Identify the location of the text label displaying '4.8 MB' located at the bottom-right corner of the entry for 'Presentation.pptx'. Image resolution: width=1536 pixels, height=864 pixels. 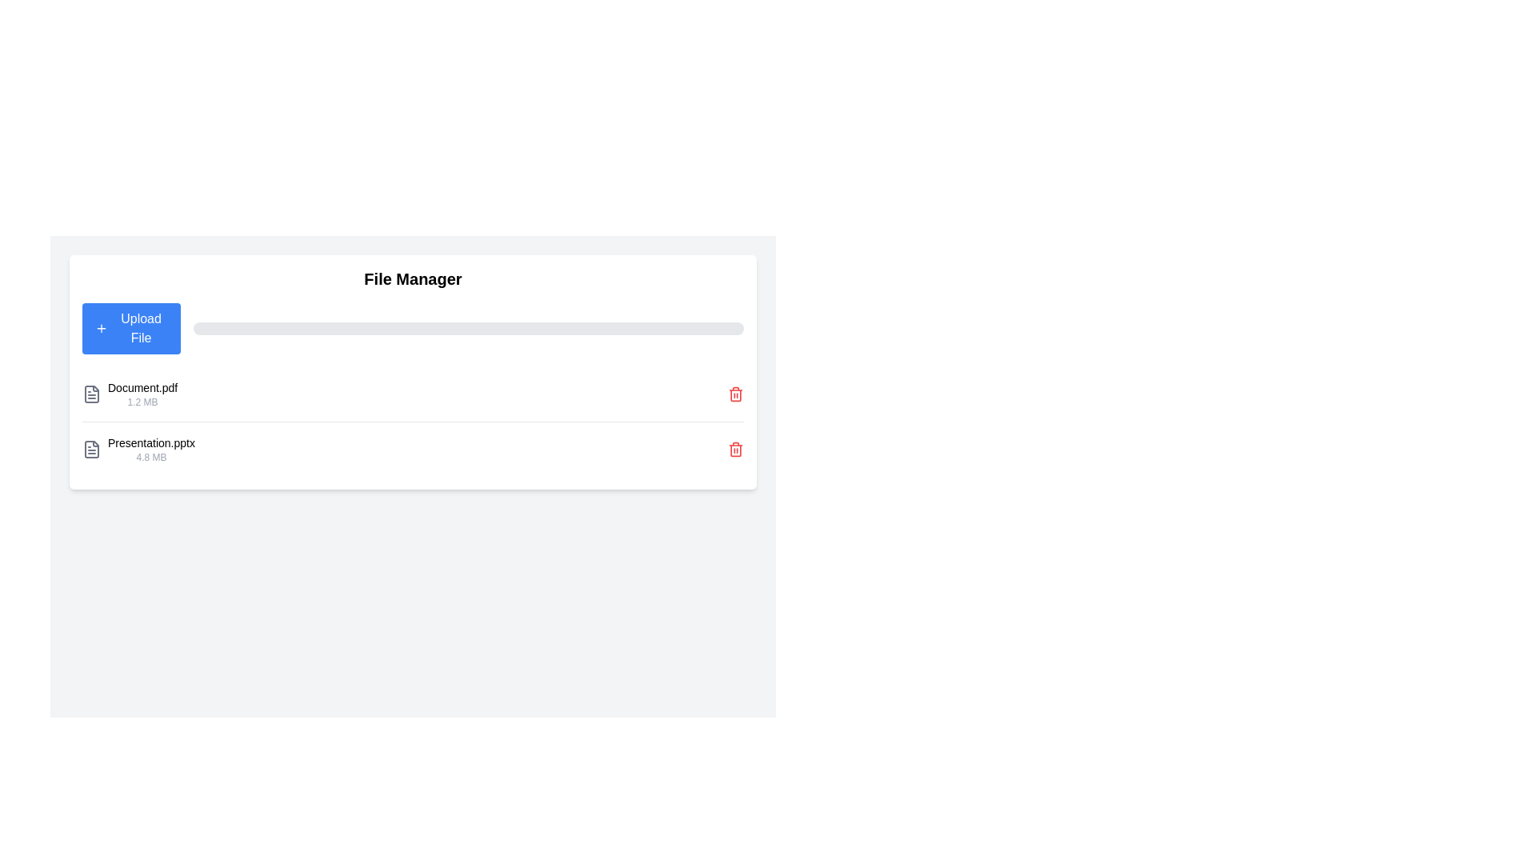
(151, 457).